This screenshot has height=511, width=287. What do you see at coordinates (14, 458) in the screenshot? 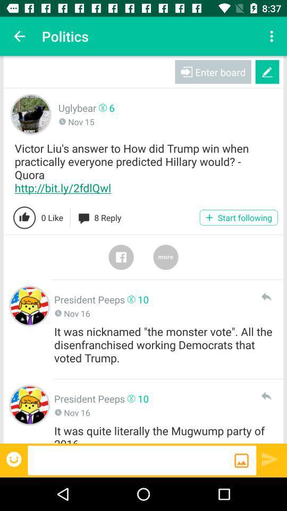
I see `share the emoji` at bounding box center [14, 458].